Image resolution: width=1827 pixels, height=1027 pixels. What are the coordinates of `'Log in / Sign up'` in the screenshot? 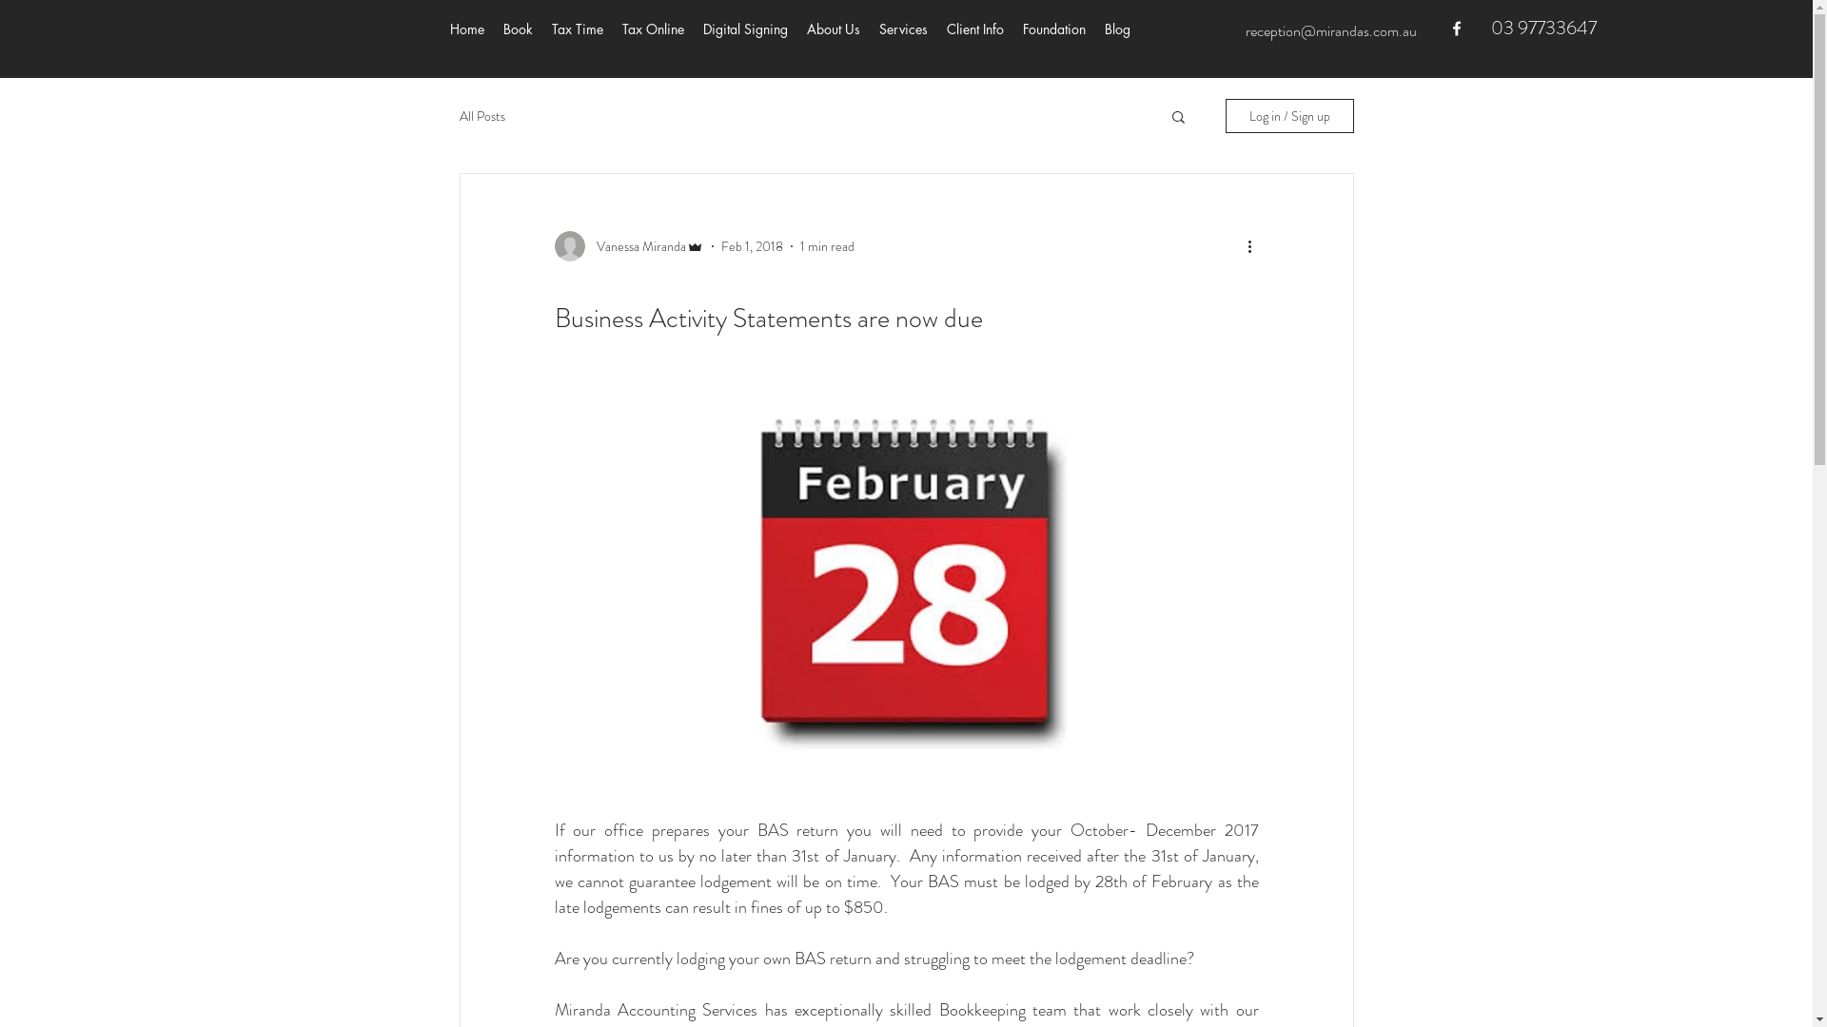 It's located at (1289, 116).